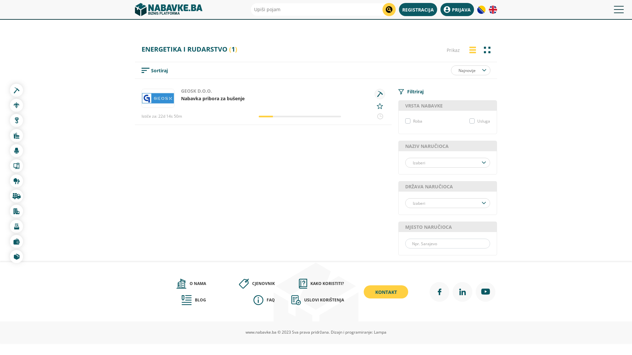 This screenshot has width=632, height=355. Describe the element at coordinates (171, 300) in the screenshot. I see `'BLOG'` at that location.